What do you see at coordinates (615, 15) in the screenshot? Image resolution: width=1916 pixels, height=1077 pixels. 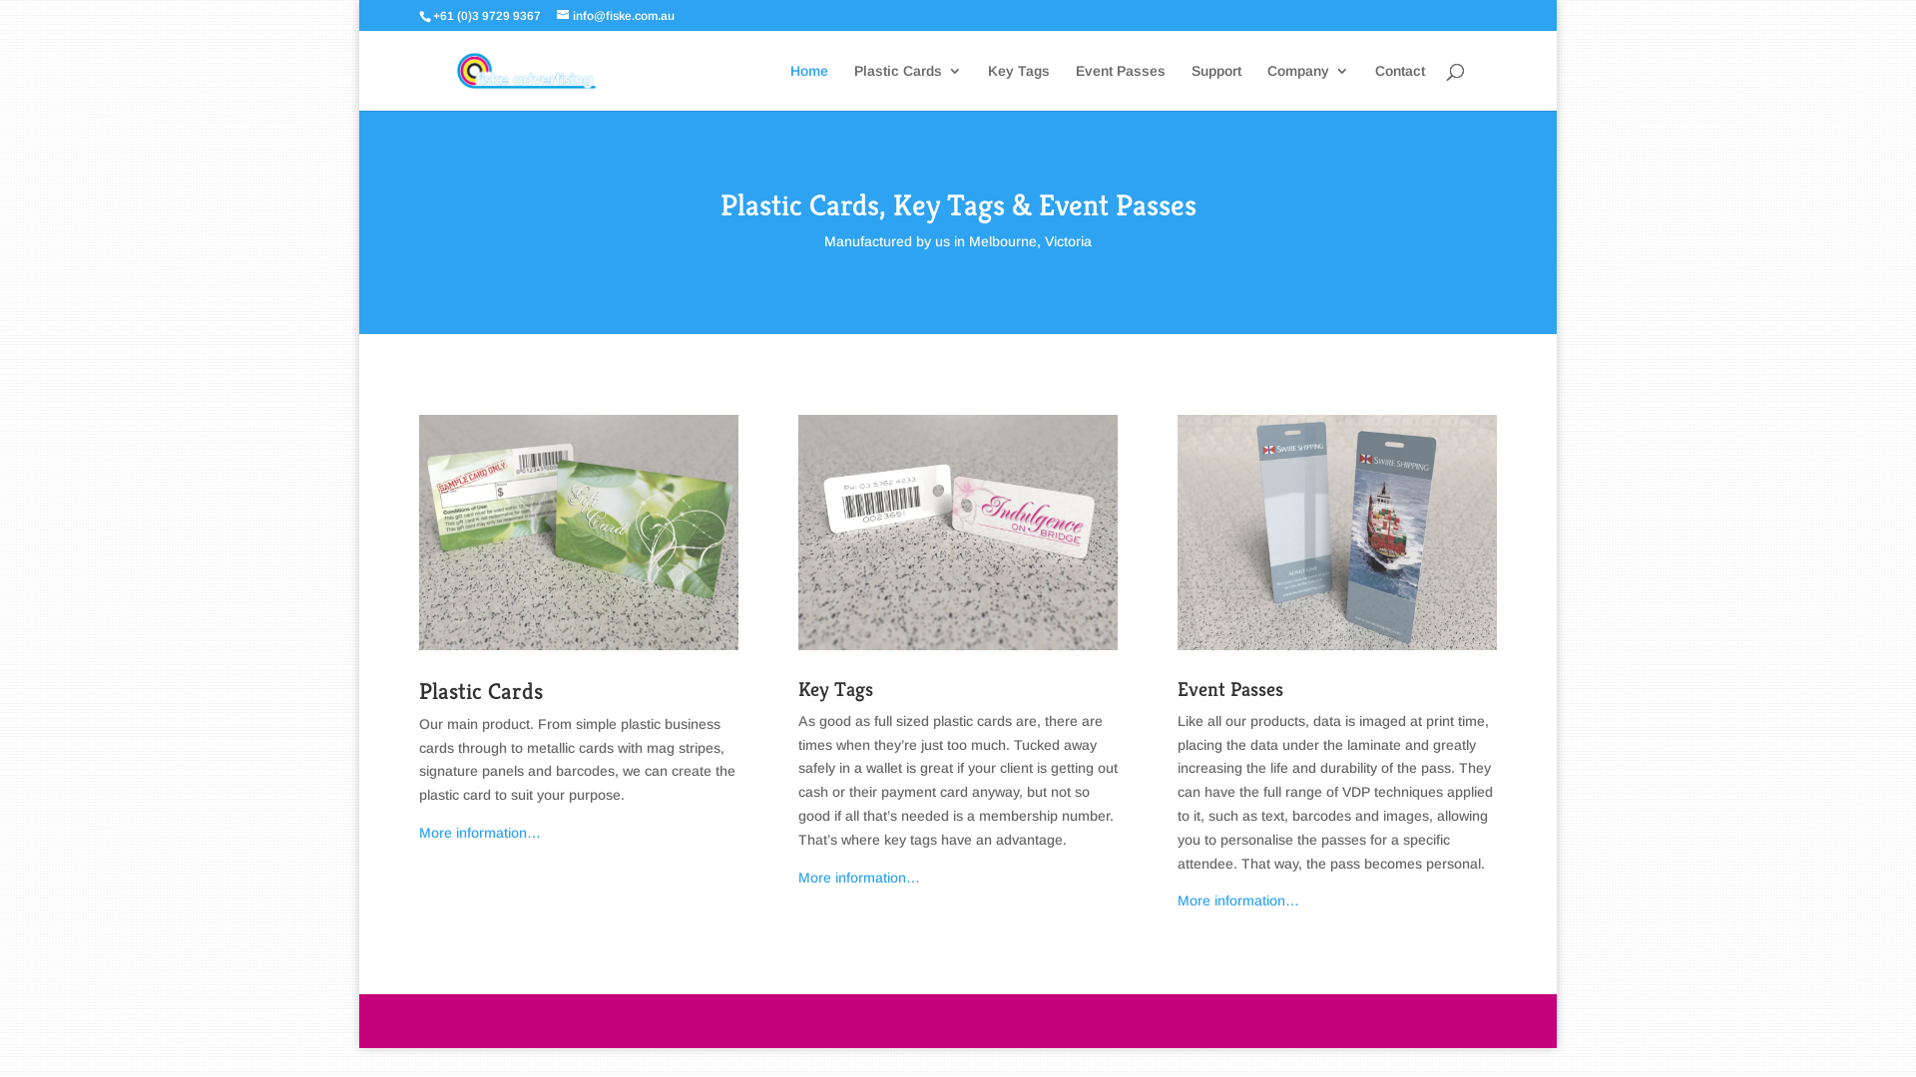 I see `'info@fiske.com.au'` at bounding box center [615, 15].